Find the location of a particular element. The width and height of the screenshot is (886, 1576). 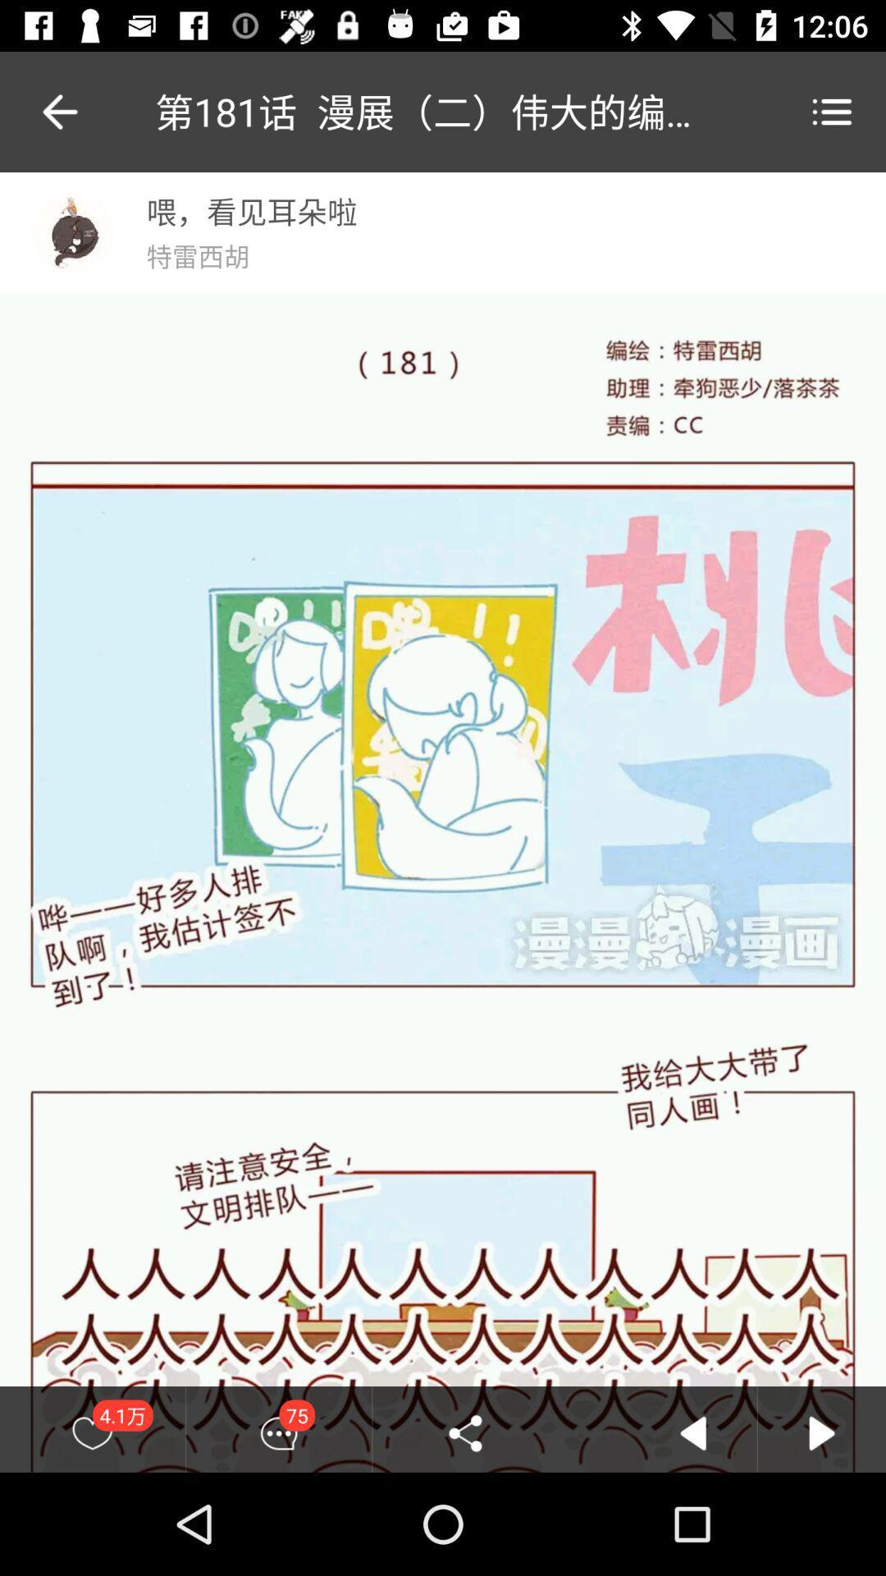

the chat option in the bottom is located at coordinates (277, 1432).